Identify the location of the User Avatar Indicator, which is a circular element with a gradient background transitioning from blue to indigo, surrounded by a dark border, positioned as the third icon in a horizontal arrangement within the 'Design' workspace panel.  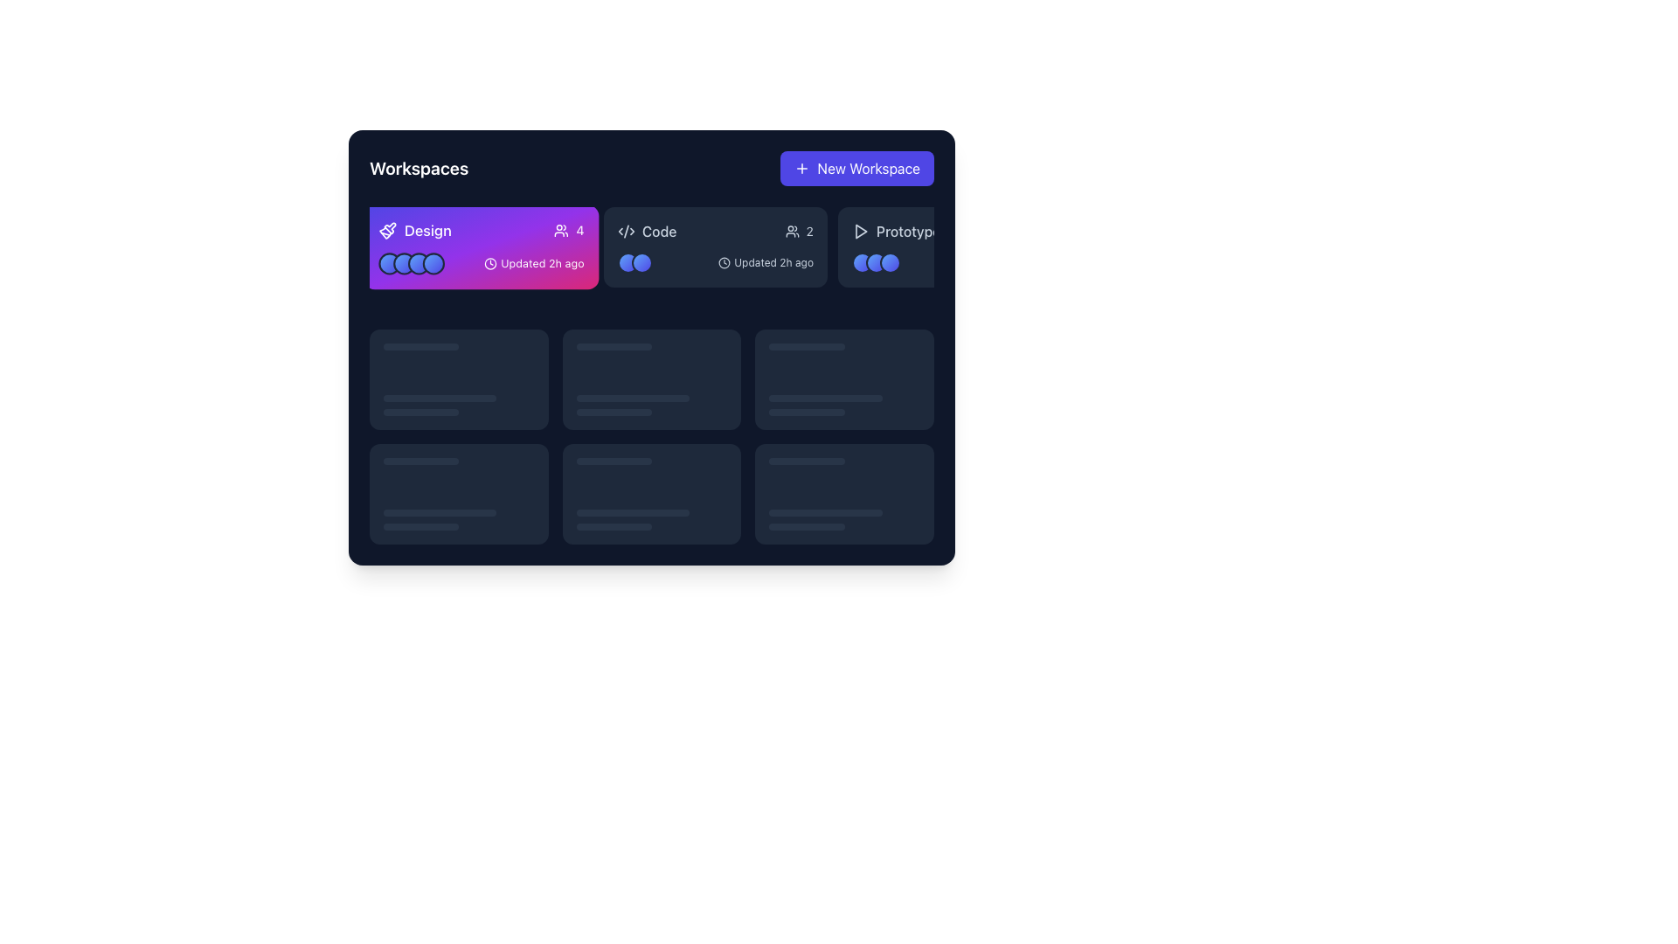
(418, 263).